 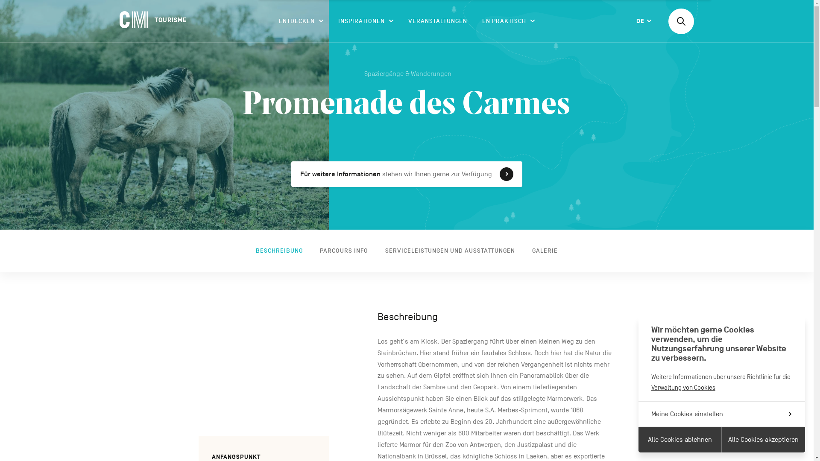 What do you see at coordinates (438, 21) in the screenshot?
I see `'VERANSTALTUNGEN'` at bounding box center [438, 21].